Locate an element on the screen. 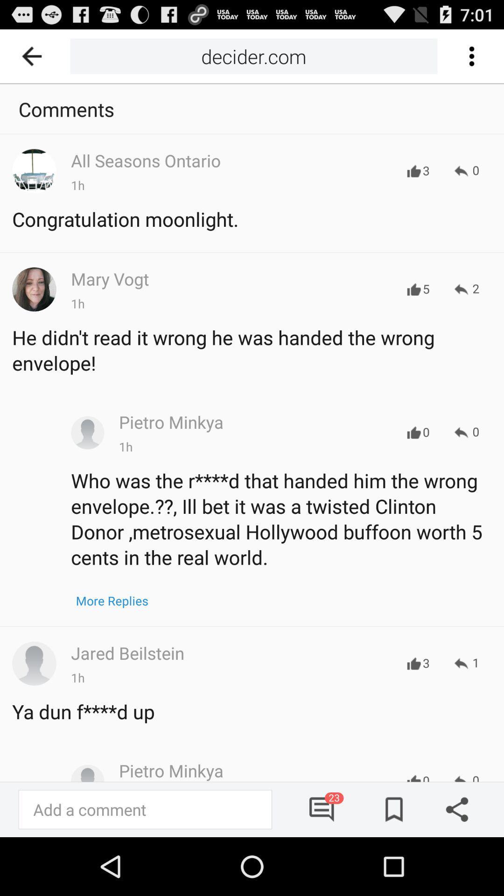 This screenshot has width=504, height=896. the first forward option is located at coordinates (466, 171).